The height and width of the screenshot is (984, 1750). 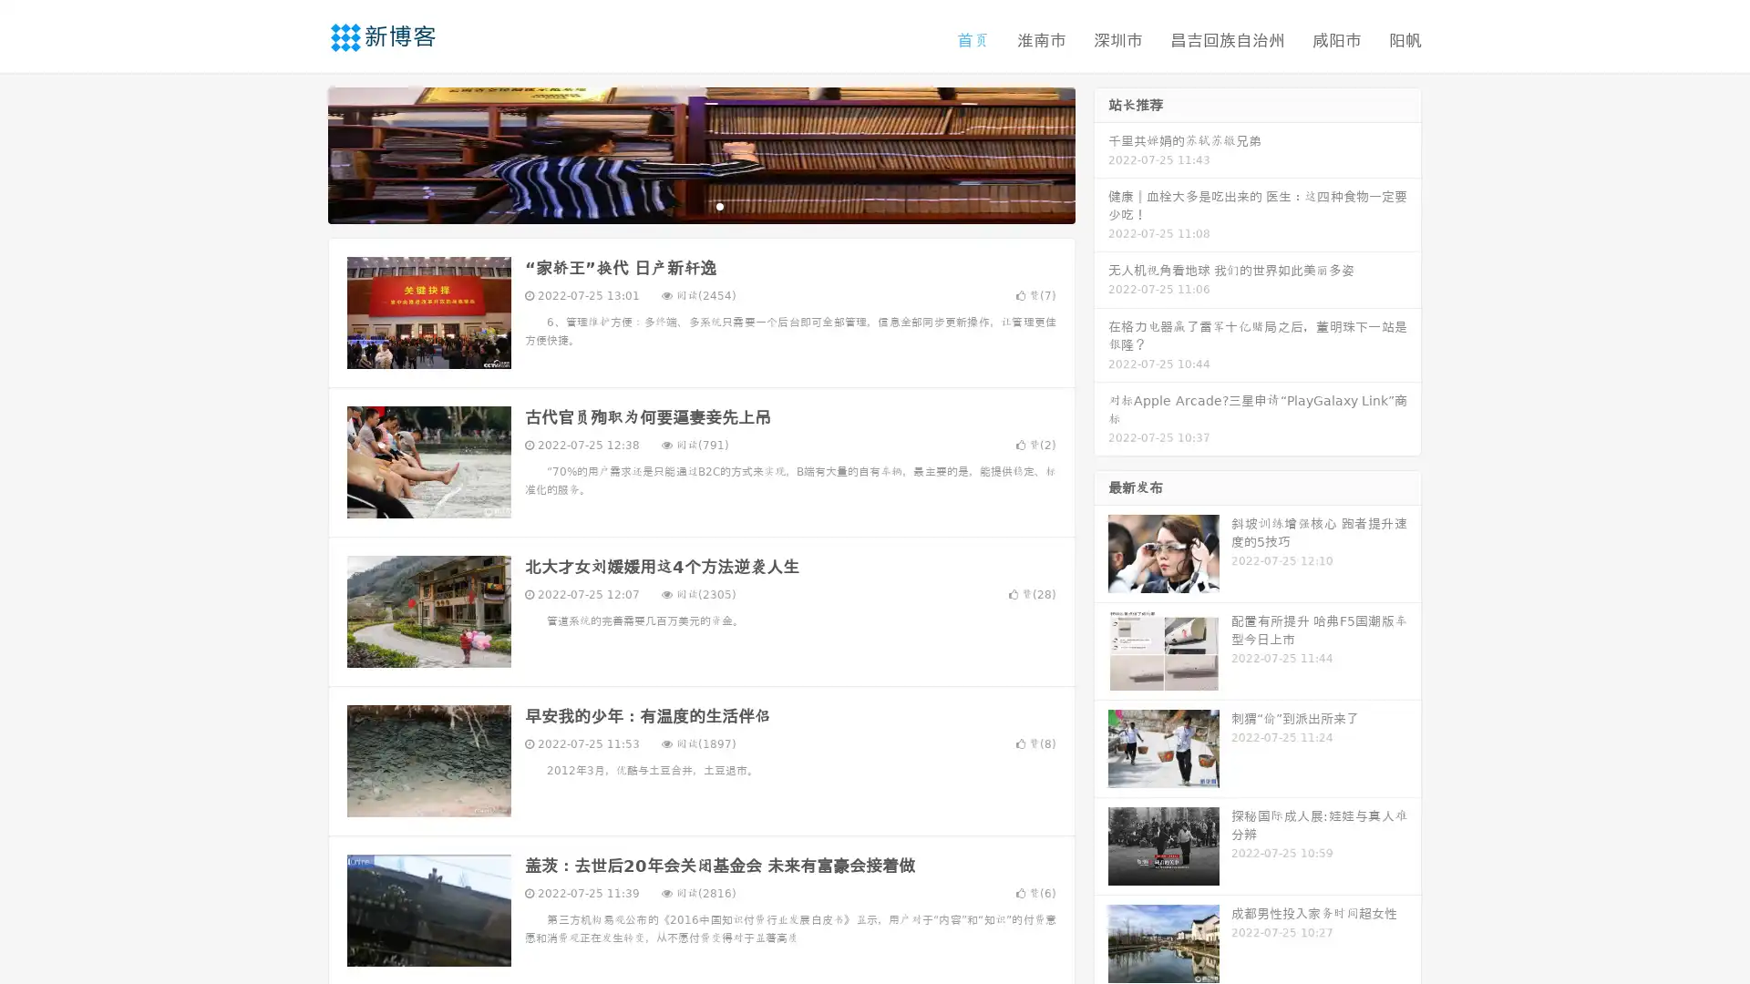 What do you see at coordinates (682, 205) in the screenshot?
I see `Go to slide 1` at bounding box center [682, 205].